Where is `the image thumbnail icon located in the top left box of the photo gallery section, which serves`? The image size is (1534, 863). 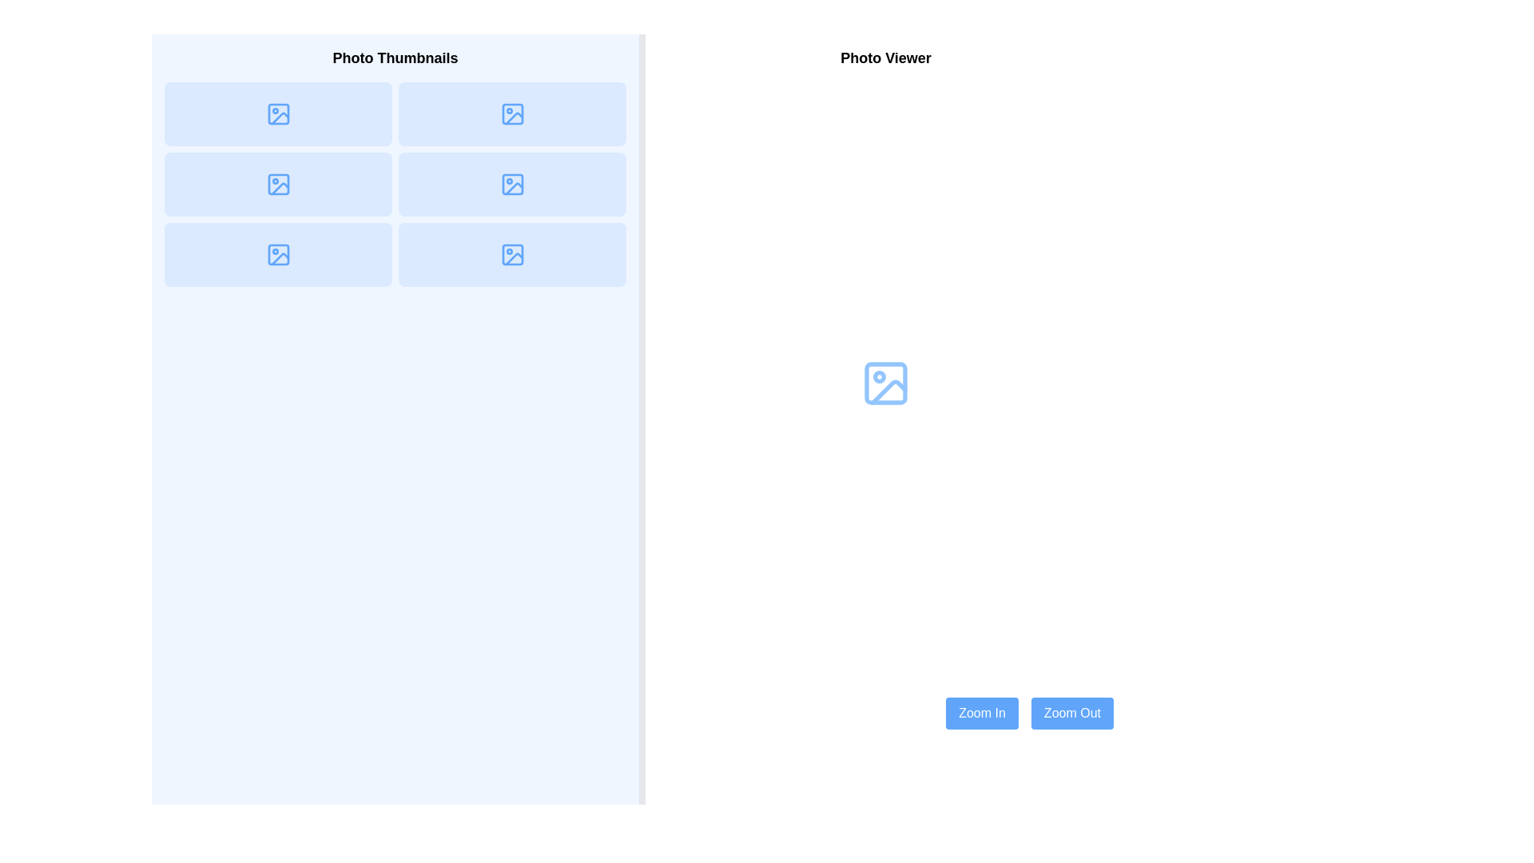
the image thumbnail icon located in the top left box of the photo gallery section, which serves is located at coordinates (278, 113).